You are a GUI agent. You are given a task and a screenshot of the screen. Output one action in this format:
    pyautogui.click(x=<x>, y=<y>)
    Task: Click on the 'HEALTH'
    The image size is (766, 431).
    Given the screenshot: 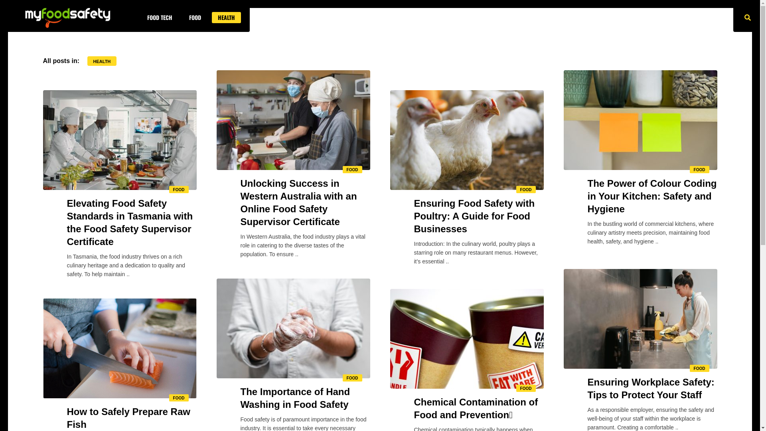 What is the action you would take?
    pyautogui.click(x=226, y=17)
    